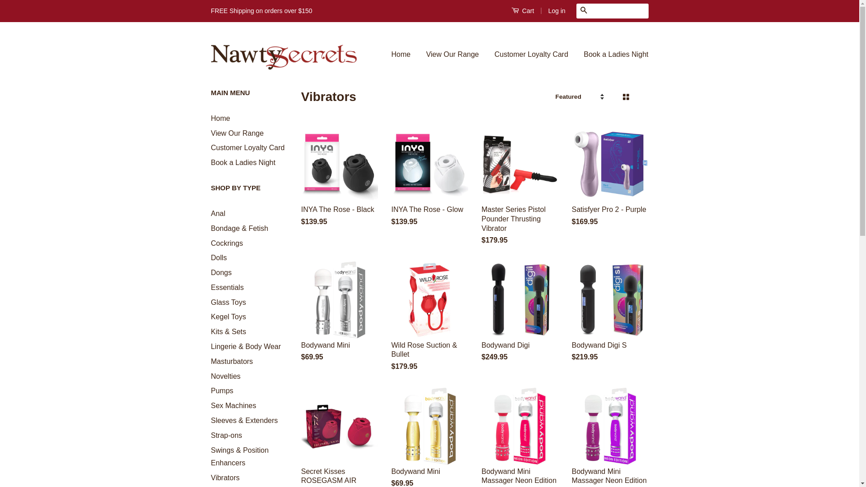  What do you see at coordinates (452, 55) in the screenshot?
I see `'View Our Range'` at bounding box center [452, 55].